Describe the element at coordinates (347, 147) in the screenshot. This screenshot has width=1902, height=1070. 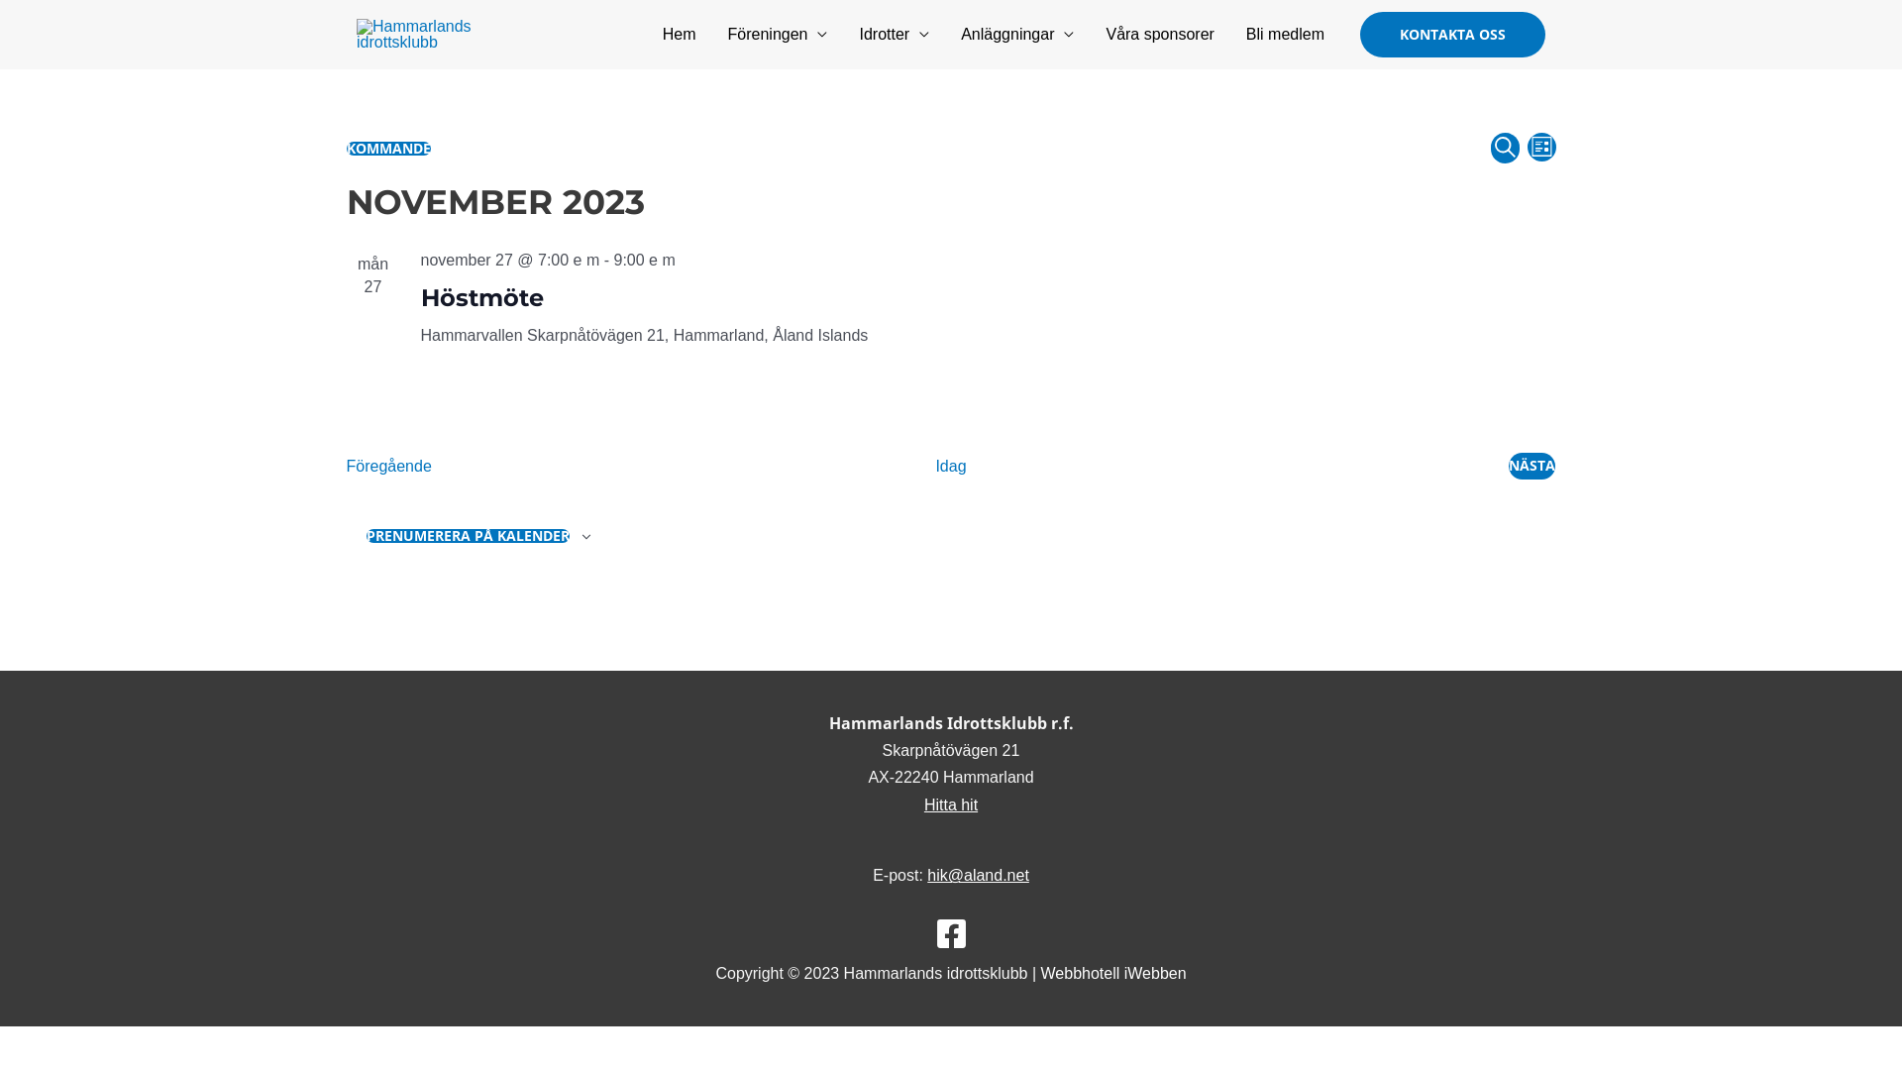
I see `'KOMMANDE'` at that location.